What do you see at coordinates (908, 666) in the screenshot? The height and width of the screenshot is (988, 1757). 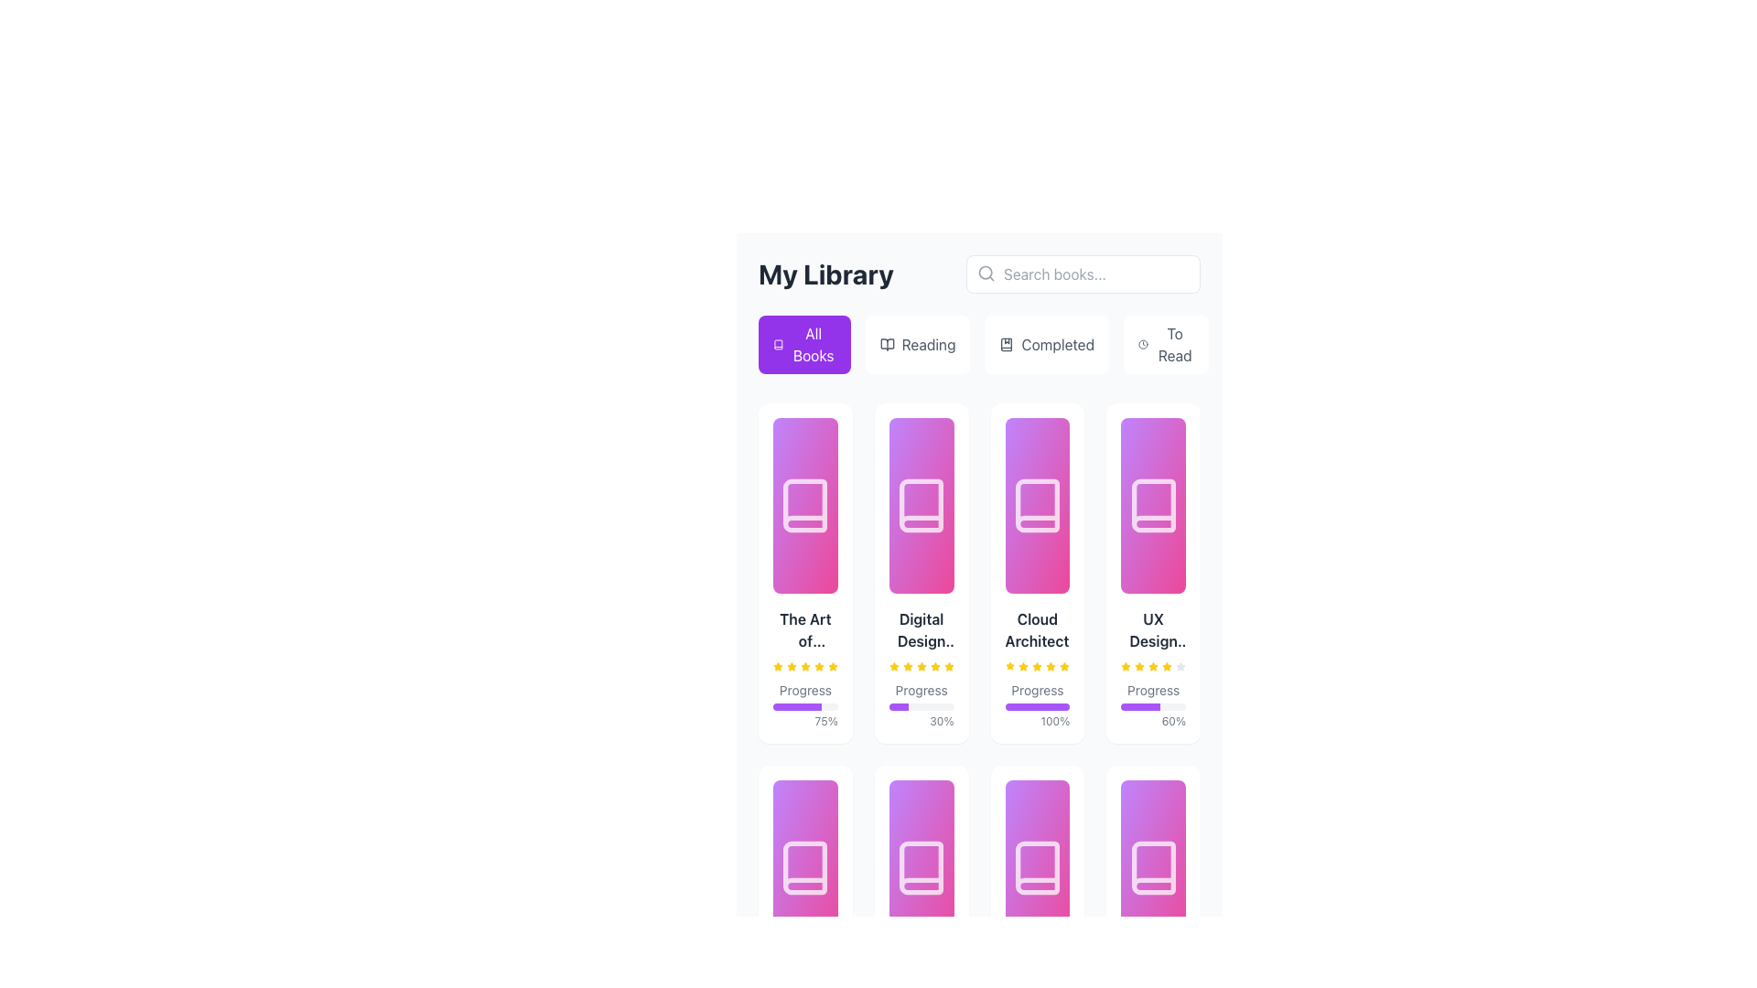 I see `the third filled star in the 5-star rating system beneath the book title 'Digital Design' to adjust the rating` at bounding box center [908, 666].